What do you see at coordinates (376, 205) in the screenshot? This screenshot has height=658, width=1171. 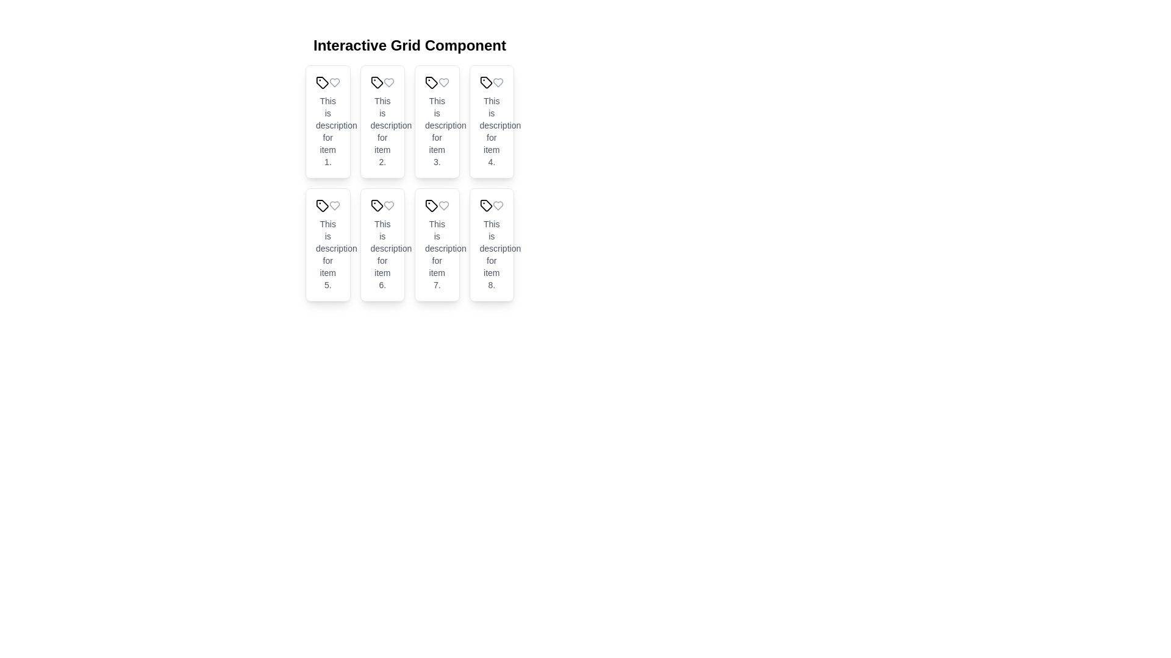 I see `the decorative or identifying icon in the grid cell labeled 'Tile 6', which is located at the upper-left corner of that cell` at bounding box center [376, 205].